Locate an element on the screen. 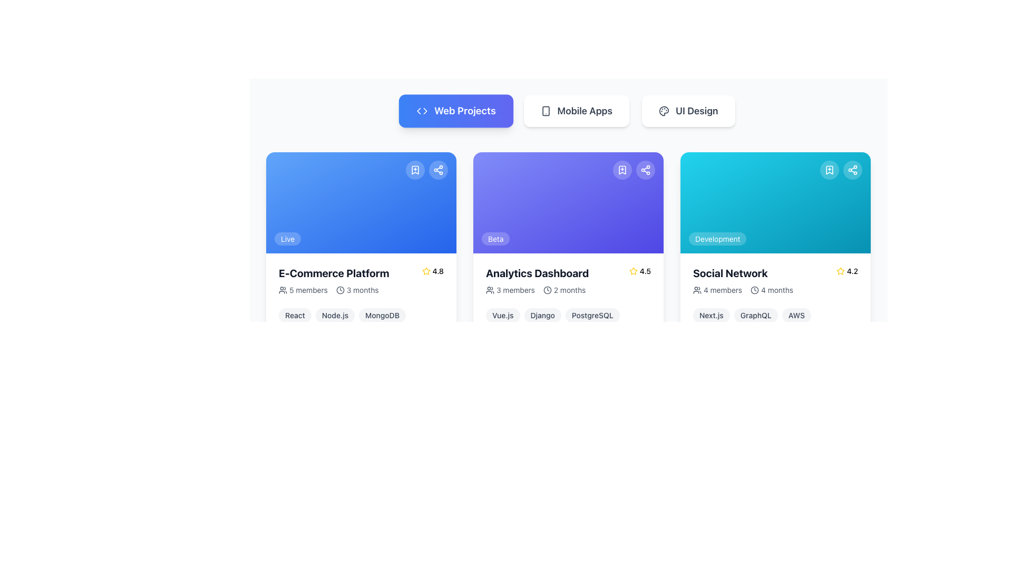 The width and height of the screenshot is (1012, 569). the 'UI Design' button, which is the third button in a horizontal set of three, featuring a white background, rounded corners, and dark gray text to trigger the hover effect is located at coordinates (688, 111).